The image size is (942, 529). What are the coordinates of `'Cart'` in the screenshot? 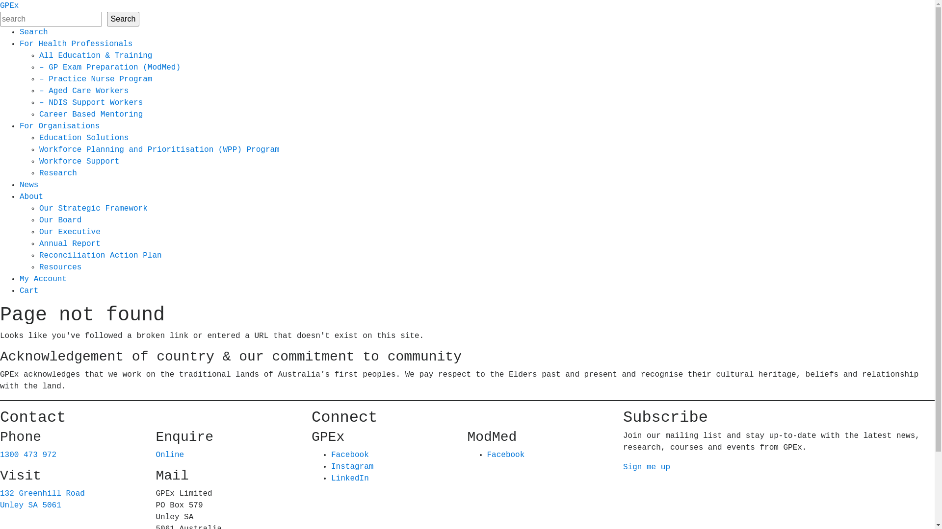 It's located at (28, 290).